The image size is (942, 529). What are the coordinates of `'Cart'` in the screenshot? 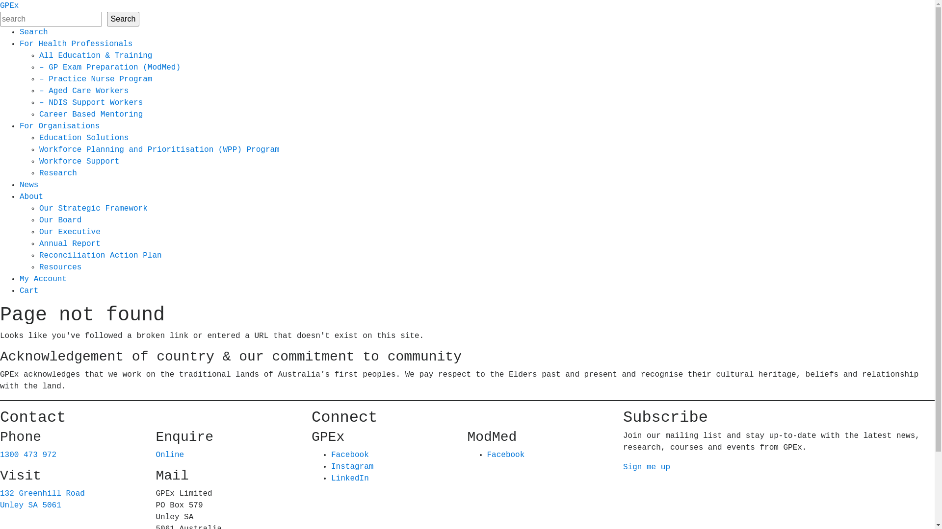 It's located at (28, 290).